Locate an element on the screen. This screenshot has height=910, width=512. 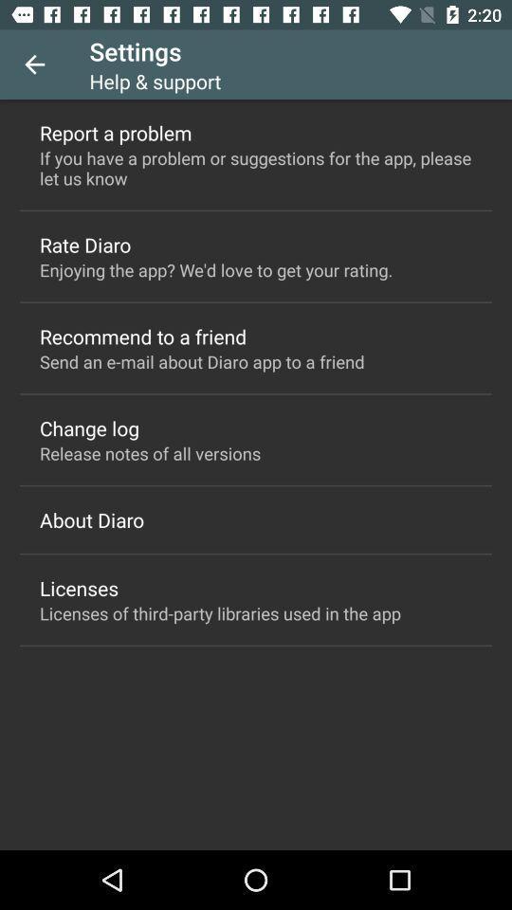
the icon below the send an e icon is located at coordinates (88, 428).